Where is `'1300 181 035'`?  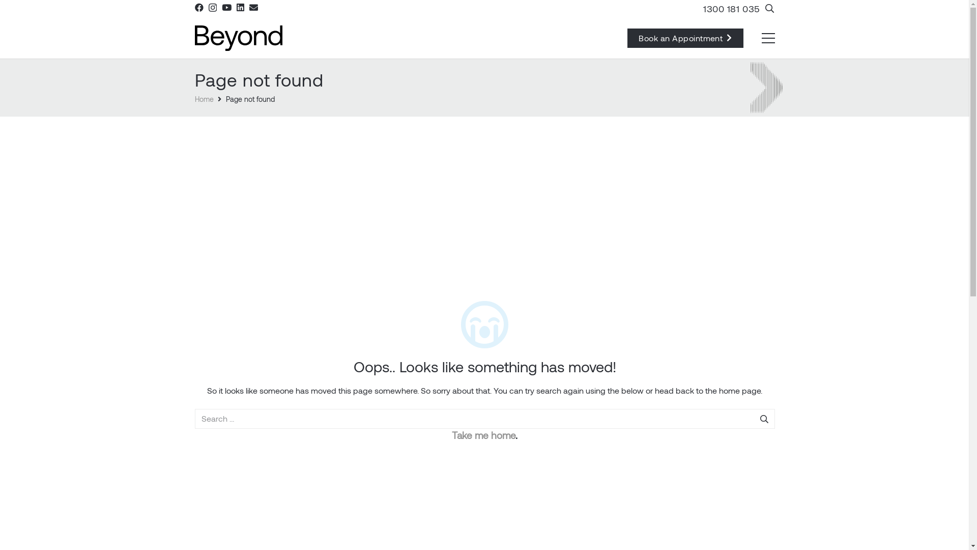 '1300 181 035' is located at coordinates (731, 8).